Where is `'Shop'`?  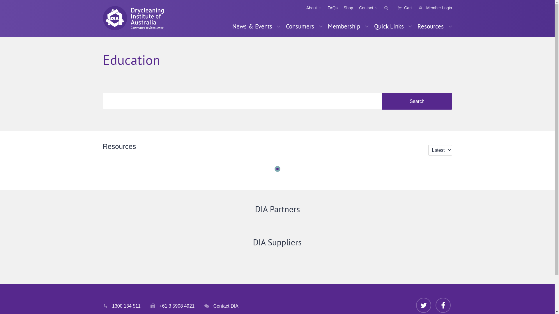
'Shop' is located at coordinates (345, 8).